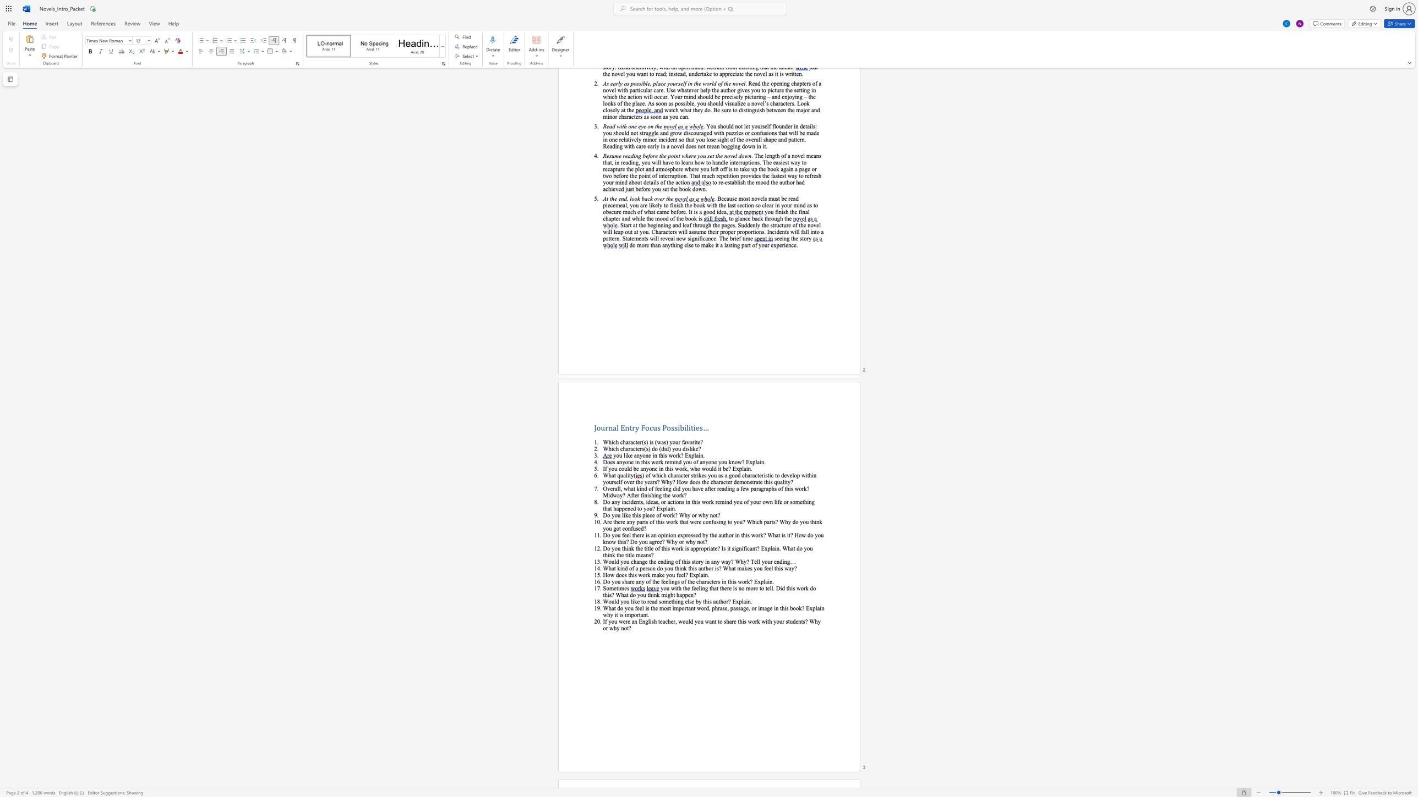 The width and height of the screenshot is (1418, 797). Describe the element at coordinates (608, 468) in the screenshot. I see `the subset text "you could be anyon" within the text "If you could be anyone in this work, who would it be? Explain."` at that location.